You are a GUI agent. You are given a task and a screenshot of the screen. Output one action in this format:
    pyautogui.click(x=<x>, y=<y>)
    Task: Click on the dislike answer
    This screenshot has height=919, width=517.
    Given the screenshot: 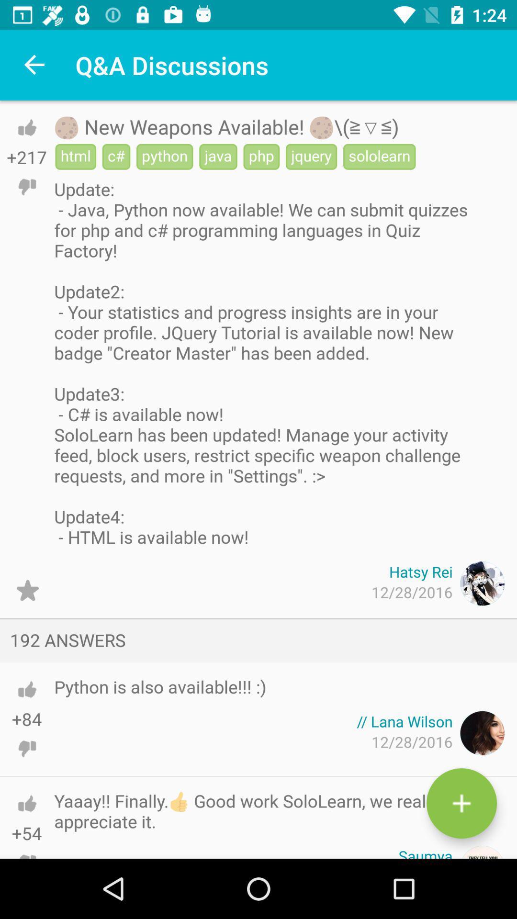 What is the action you would take?
    pyautogui.click(x=26, y=748)
    